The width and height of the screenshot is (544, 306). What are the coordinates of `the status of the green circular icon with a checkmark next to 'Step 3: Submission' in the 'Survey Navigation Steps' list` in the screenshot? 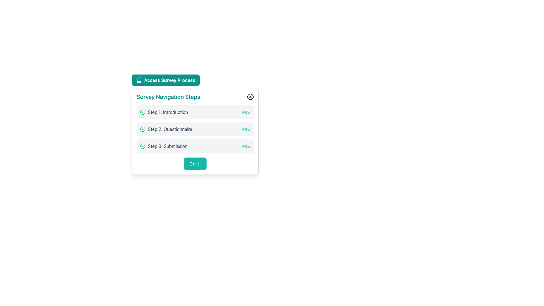 It's located at (143, 146).